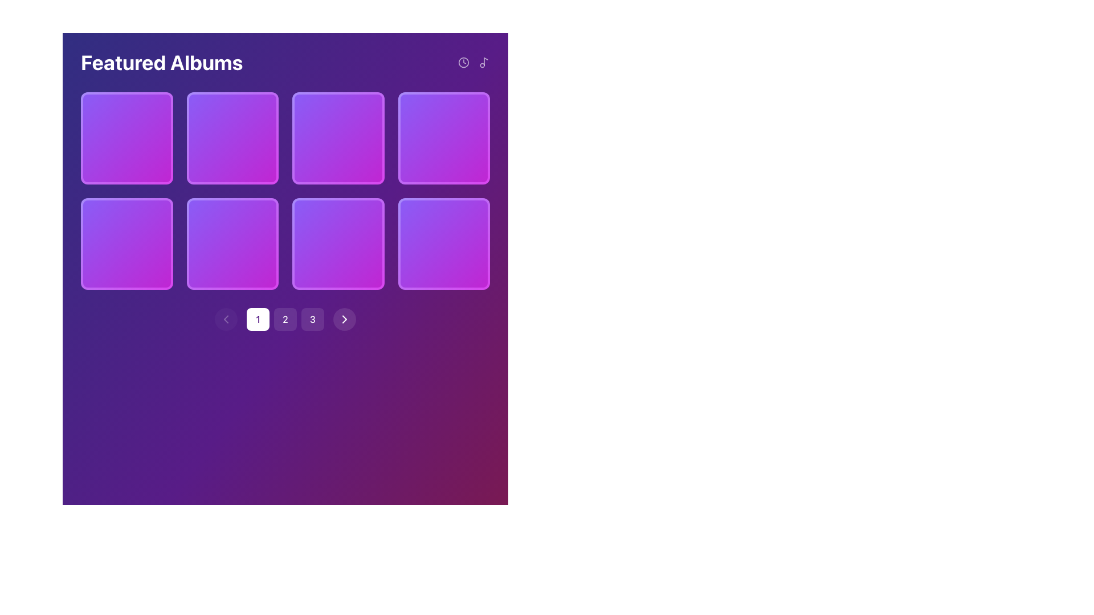 Image resolution: width=1094 pixels, height=615 pixels. I want to click on the compact clock icon located at the top-right area of the application interface, which features a minimalistic circular outline with clock hands inside, so click(464, 63).